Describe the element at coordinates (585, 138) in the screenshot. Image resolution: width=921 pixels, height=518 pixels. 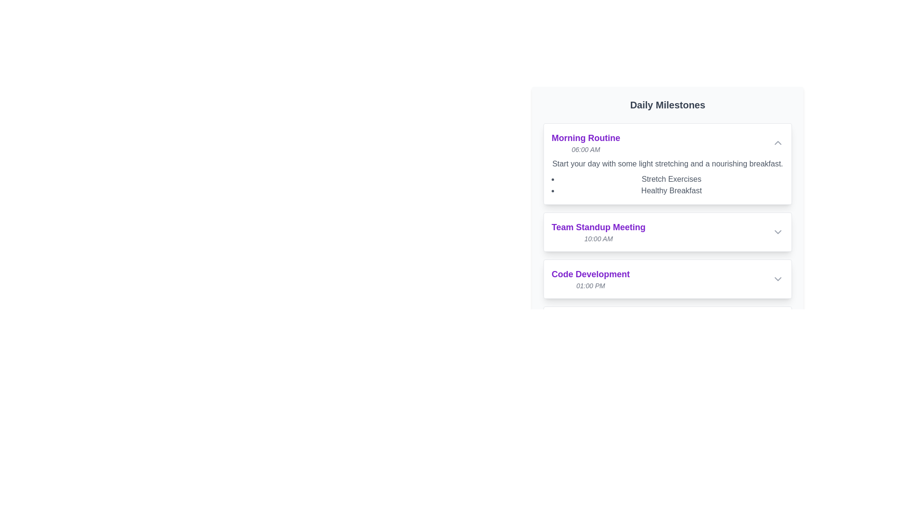
I see `the text label representing the title of the milestone 'Morning Routine06:00 AM', which is positioned above the time '06:00 AM'` at that location.